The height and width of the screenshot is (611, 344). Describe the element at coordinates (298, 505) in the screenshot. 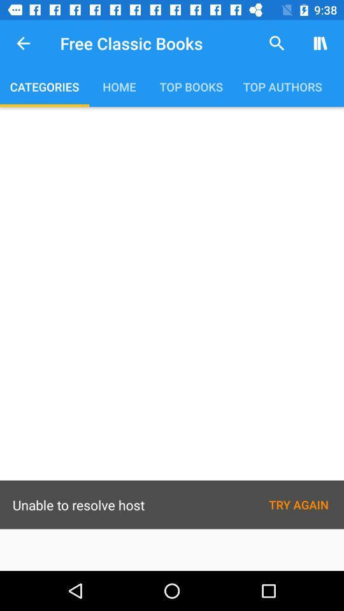

I see `the text try again` at that location.